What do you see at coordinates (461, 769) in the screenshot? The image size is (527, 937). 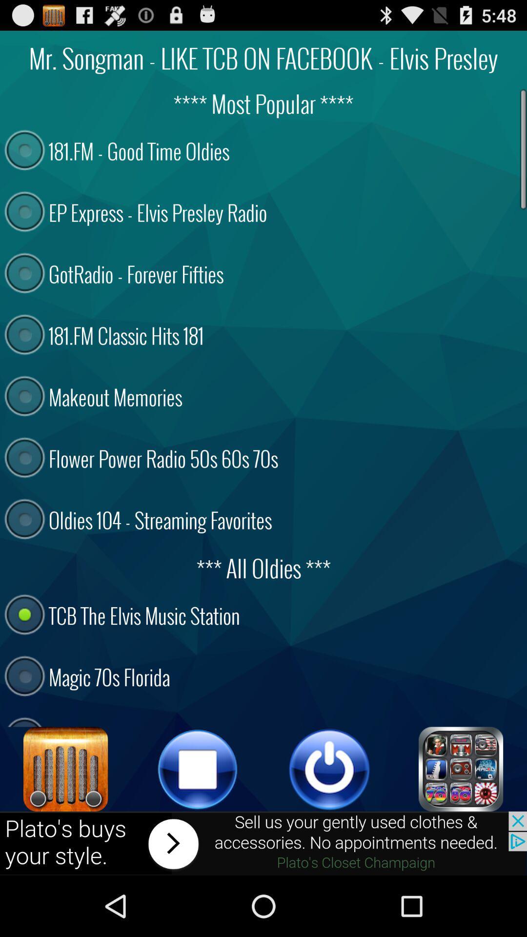 I see `click app` at bounding box center [461, 769].